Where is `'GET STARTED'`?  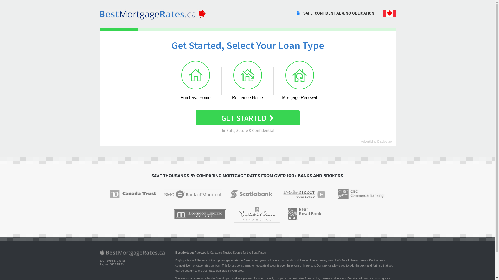 'GET STARTED' is located at coordinates (247, 118).